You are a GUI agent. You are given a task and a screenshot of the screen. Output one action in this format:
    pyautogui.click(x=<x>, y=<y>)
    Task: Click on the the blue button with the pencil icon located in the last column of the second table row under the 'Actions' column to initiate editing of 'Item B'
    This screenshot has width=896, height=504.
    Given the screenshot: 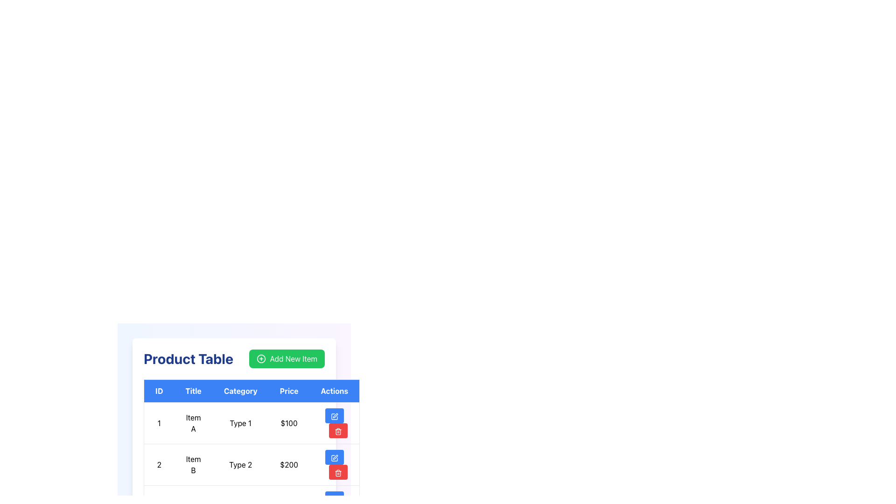 What is the action you would take?
    pyautogui.click(x=335, y=464)
    